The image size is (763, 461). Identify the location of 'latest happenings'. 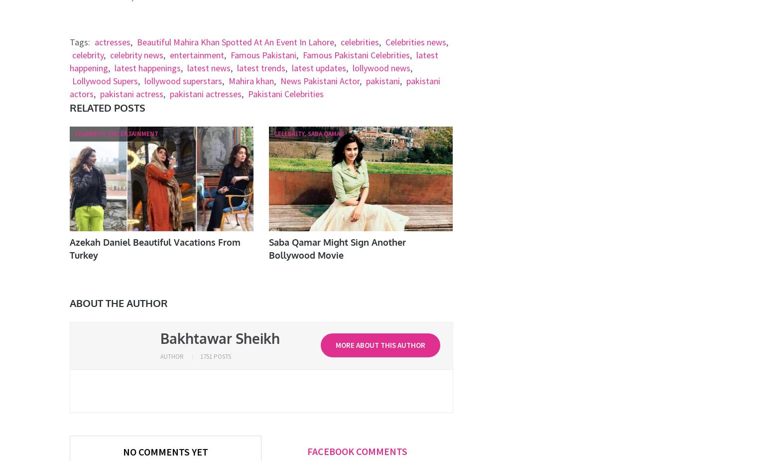
(146, 67).